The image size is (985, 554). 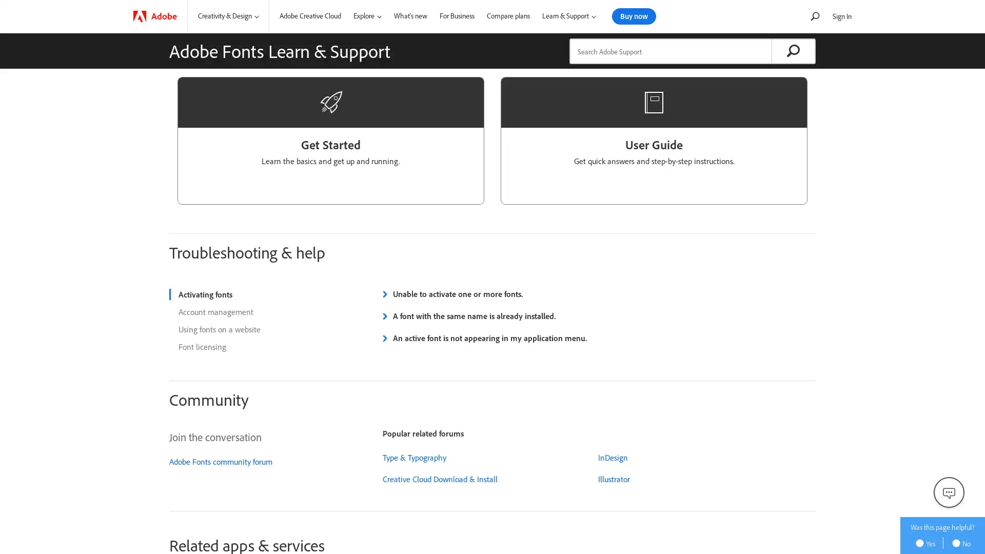 I want to click on Unable to activate one or more fonts., so click(x=451, y=294).